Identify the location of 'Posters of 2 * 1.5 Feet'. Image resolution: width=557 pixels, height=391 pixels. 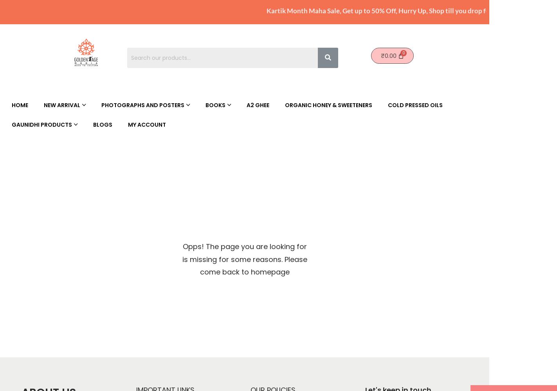
(249, 152).